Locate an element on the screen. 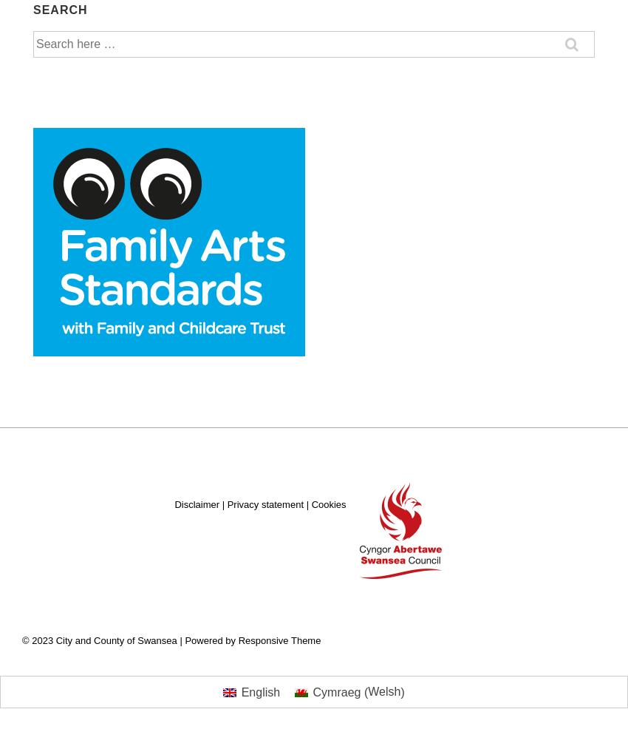 Image resolution: width=628 pixels, height=729 pixels. 'Cymraeg' is located at coordinates (335, 691).